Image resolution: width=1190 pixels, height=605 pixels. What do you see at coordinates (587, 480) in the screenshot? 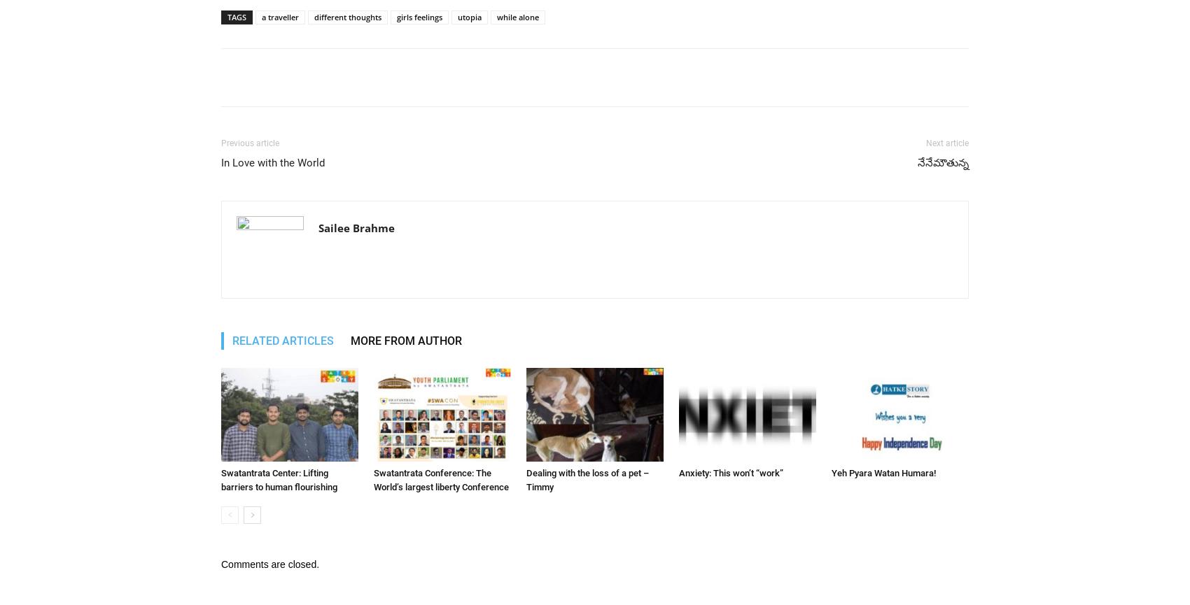
I see `'Dealing with the loss of a pet – Timmy'` at bounding box center [587, 480].